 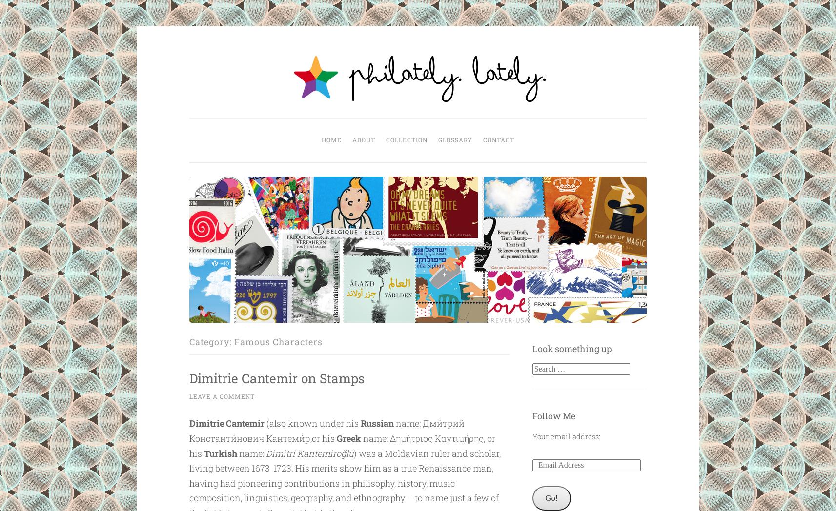 I want to click on 'Home', so click(x=331, y=139).